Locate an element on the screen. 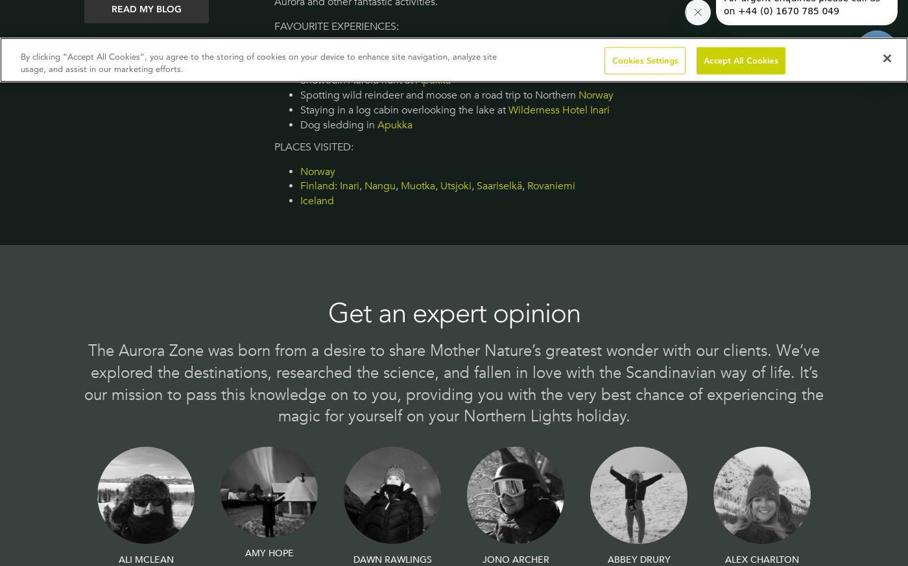 The image size is (908, 566). ':' is located at coordinates (336, 186).